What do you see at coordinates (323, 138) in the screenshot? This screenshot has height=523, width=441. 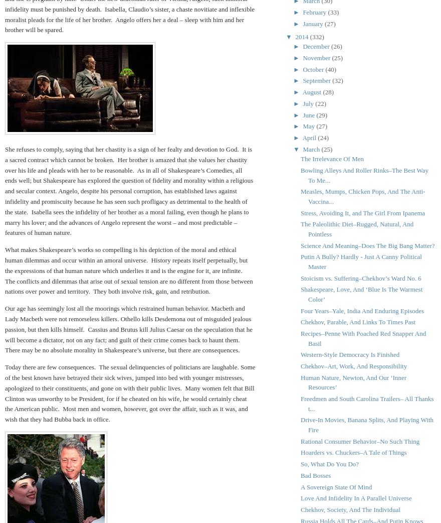 I see `'(24)'` at bounding box center [323, 138].